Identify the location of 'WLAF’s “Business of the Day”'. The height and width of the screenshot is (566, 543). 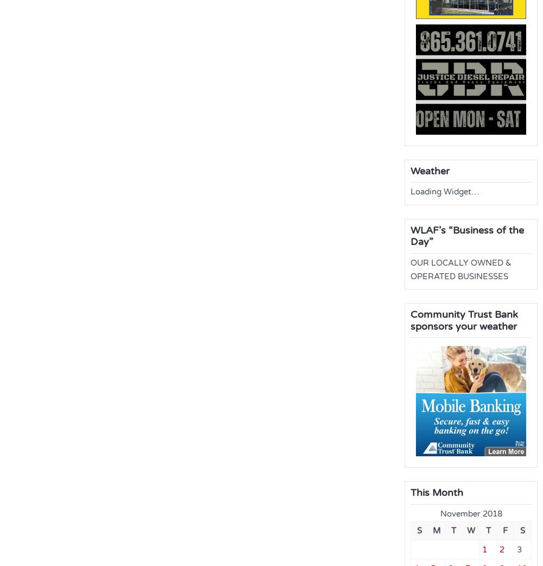
(466, 235).